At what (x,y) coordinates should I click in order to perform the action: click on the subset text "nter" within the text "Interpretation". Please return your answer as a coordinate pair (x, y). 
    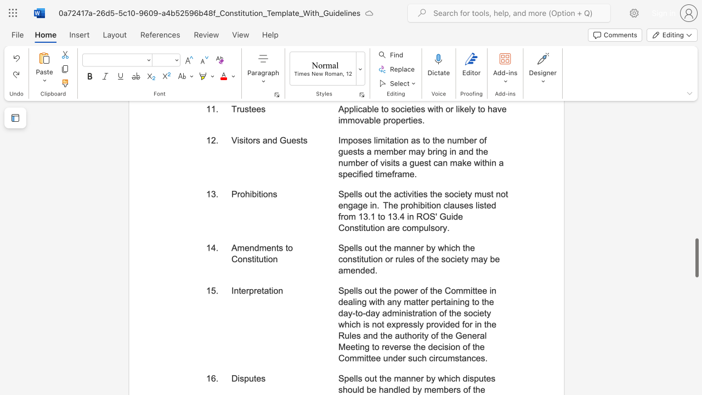
    Looking at the image, I should click on (233, 290).